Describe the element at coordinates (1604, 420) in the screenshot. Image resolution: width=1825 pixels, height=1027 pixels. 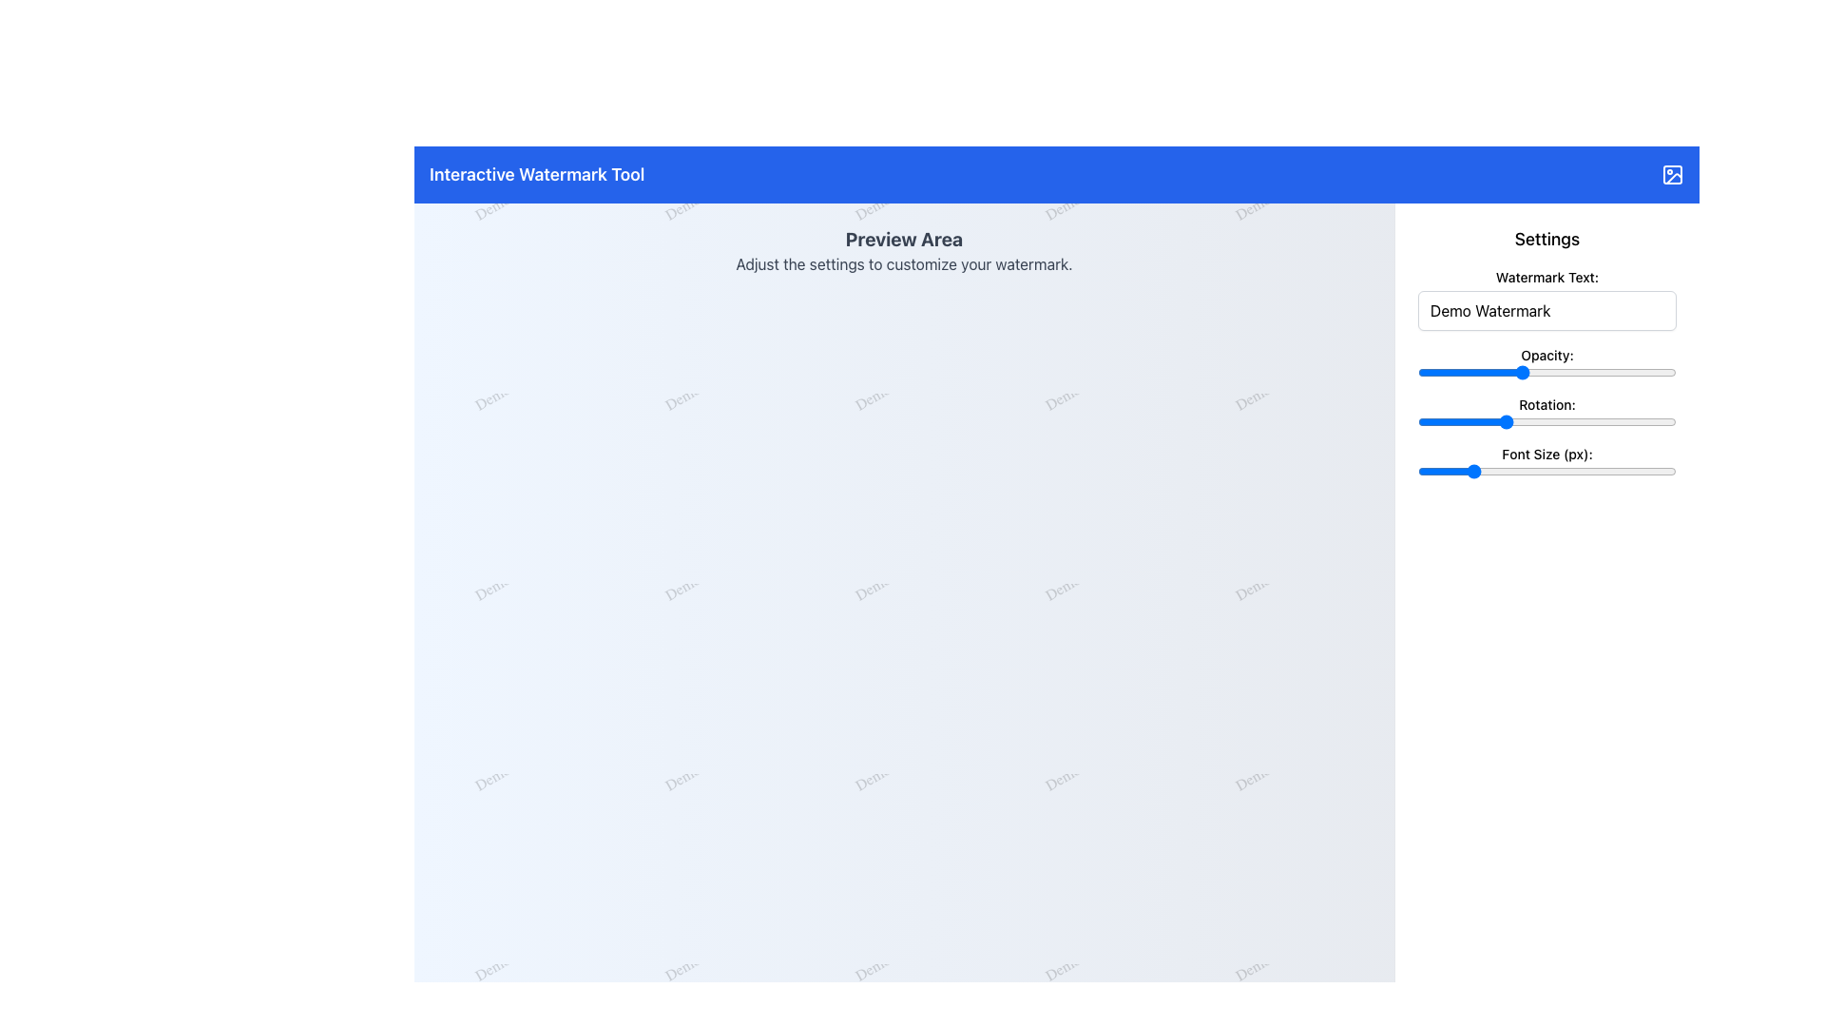
I see `rotation` at that location.